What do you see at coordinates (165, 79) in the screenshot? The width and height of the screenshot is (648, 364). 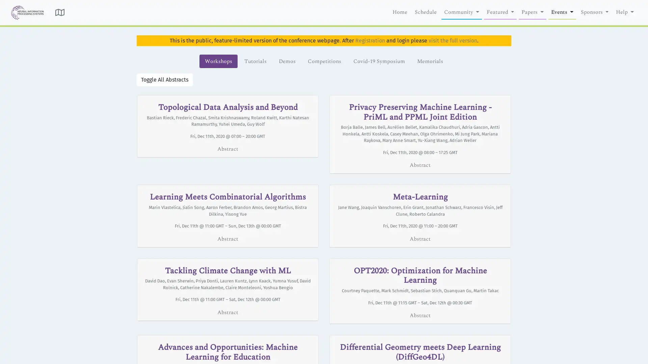 I see `Toggle All Abstracts` at bounding box center [165, 79].